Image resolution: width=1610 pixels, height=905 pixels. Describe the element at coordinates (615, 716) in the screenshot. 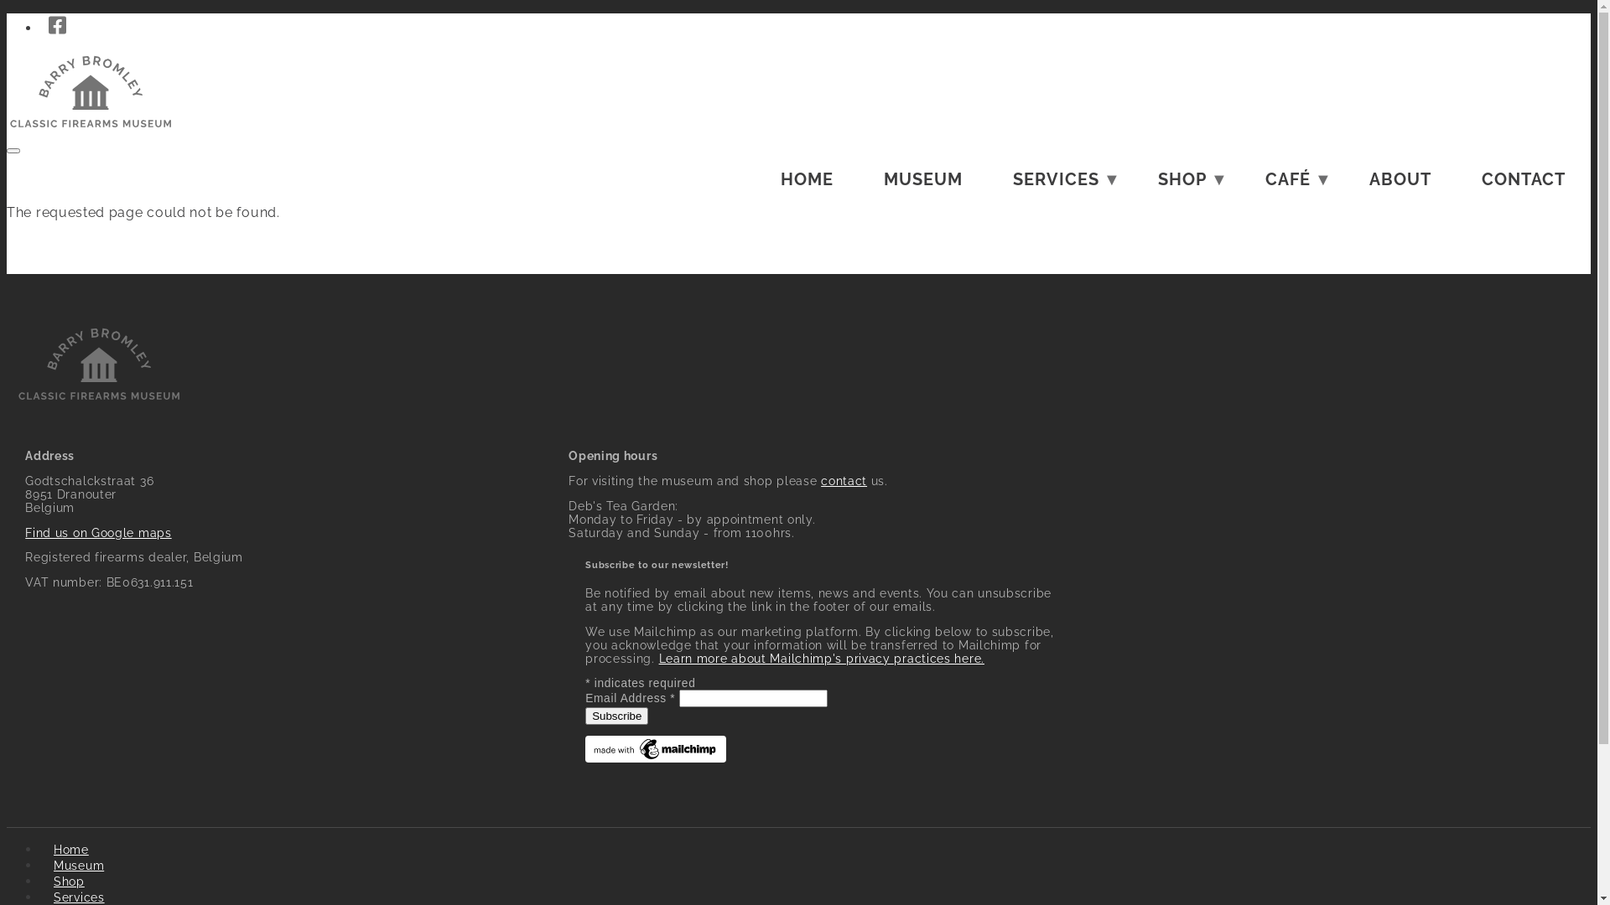

I see `'Subscribe'` at that location.